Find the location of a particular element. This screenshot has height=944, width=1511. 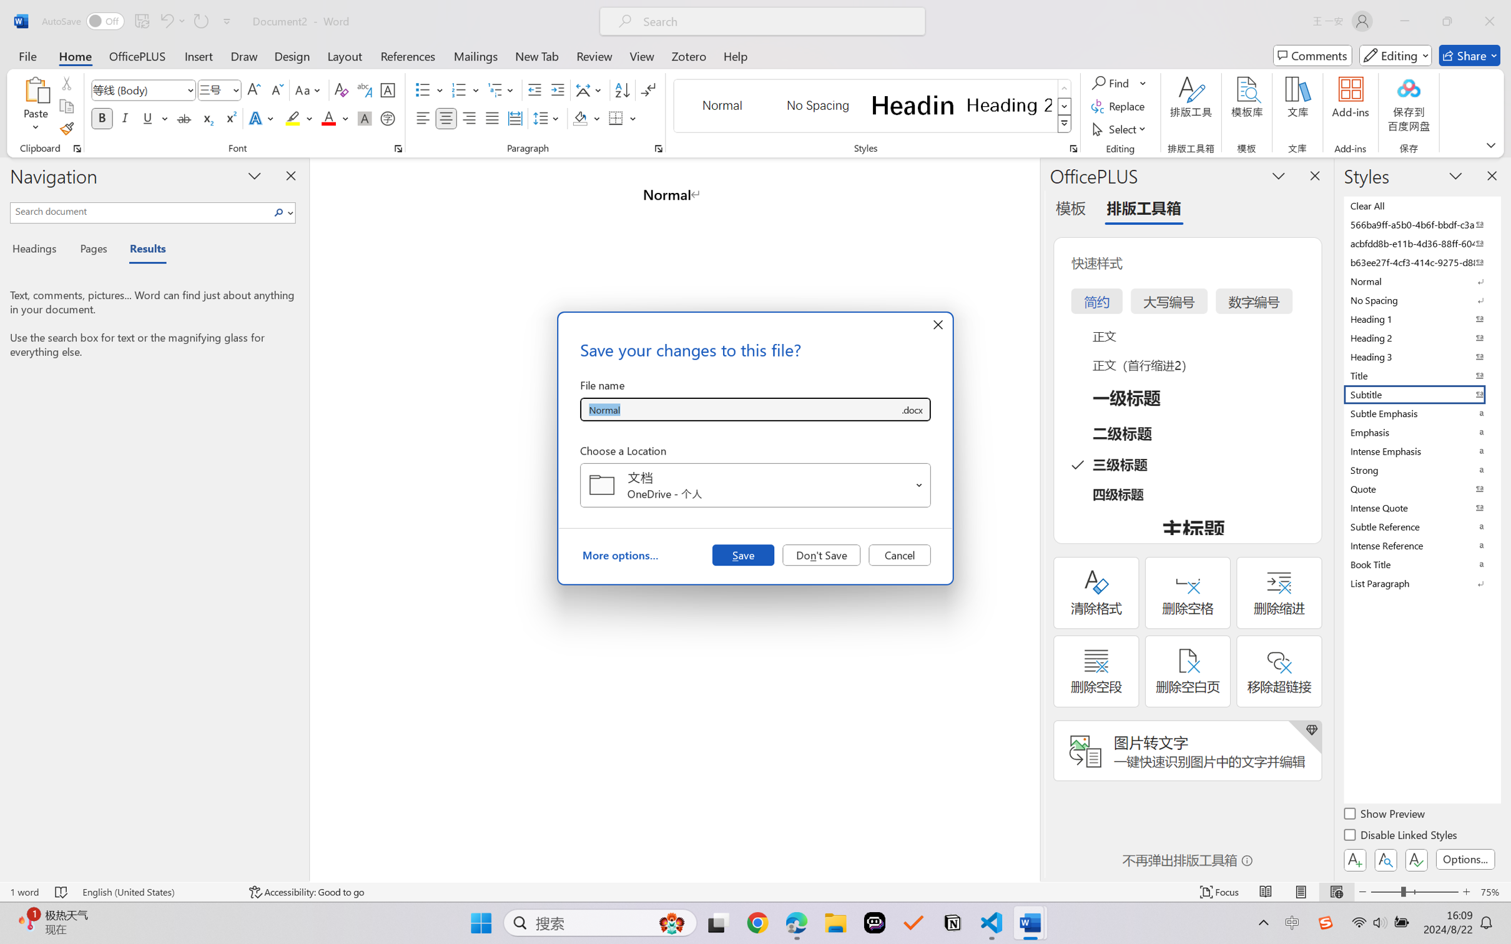

'Asian Layout' is located at coordinates (589, 90).